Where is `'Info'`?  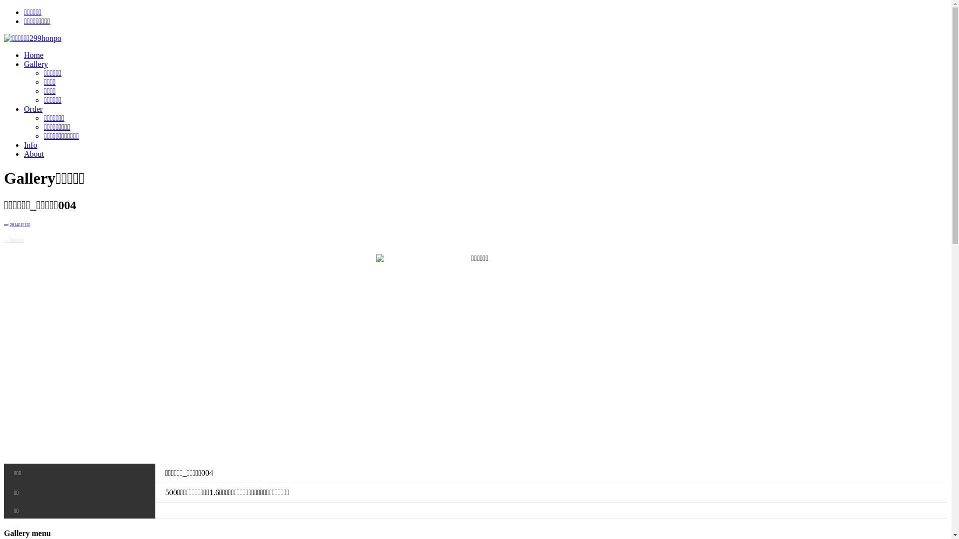
'Info' is located at coordinates (30, 145).